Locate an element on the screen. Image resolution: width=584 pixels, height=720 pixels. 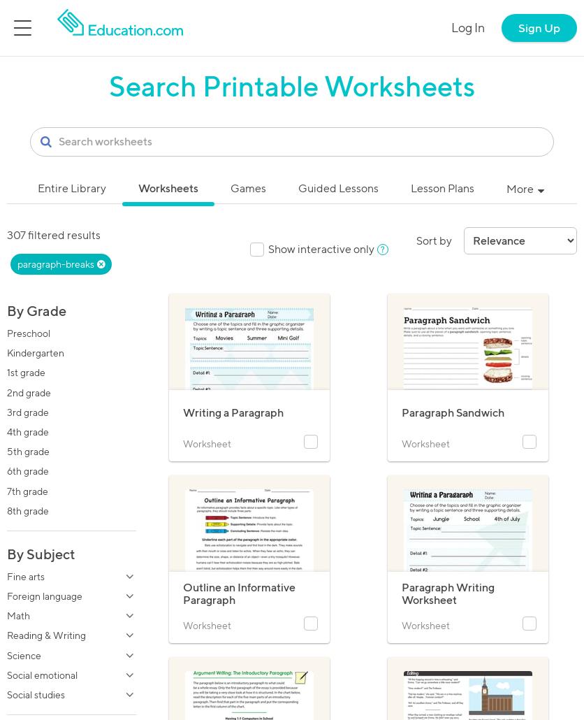
'Sign Up' is located at coordinates (538, 27).